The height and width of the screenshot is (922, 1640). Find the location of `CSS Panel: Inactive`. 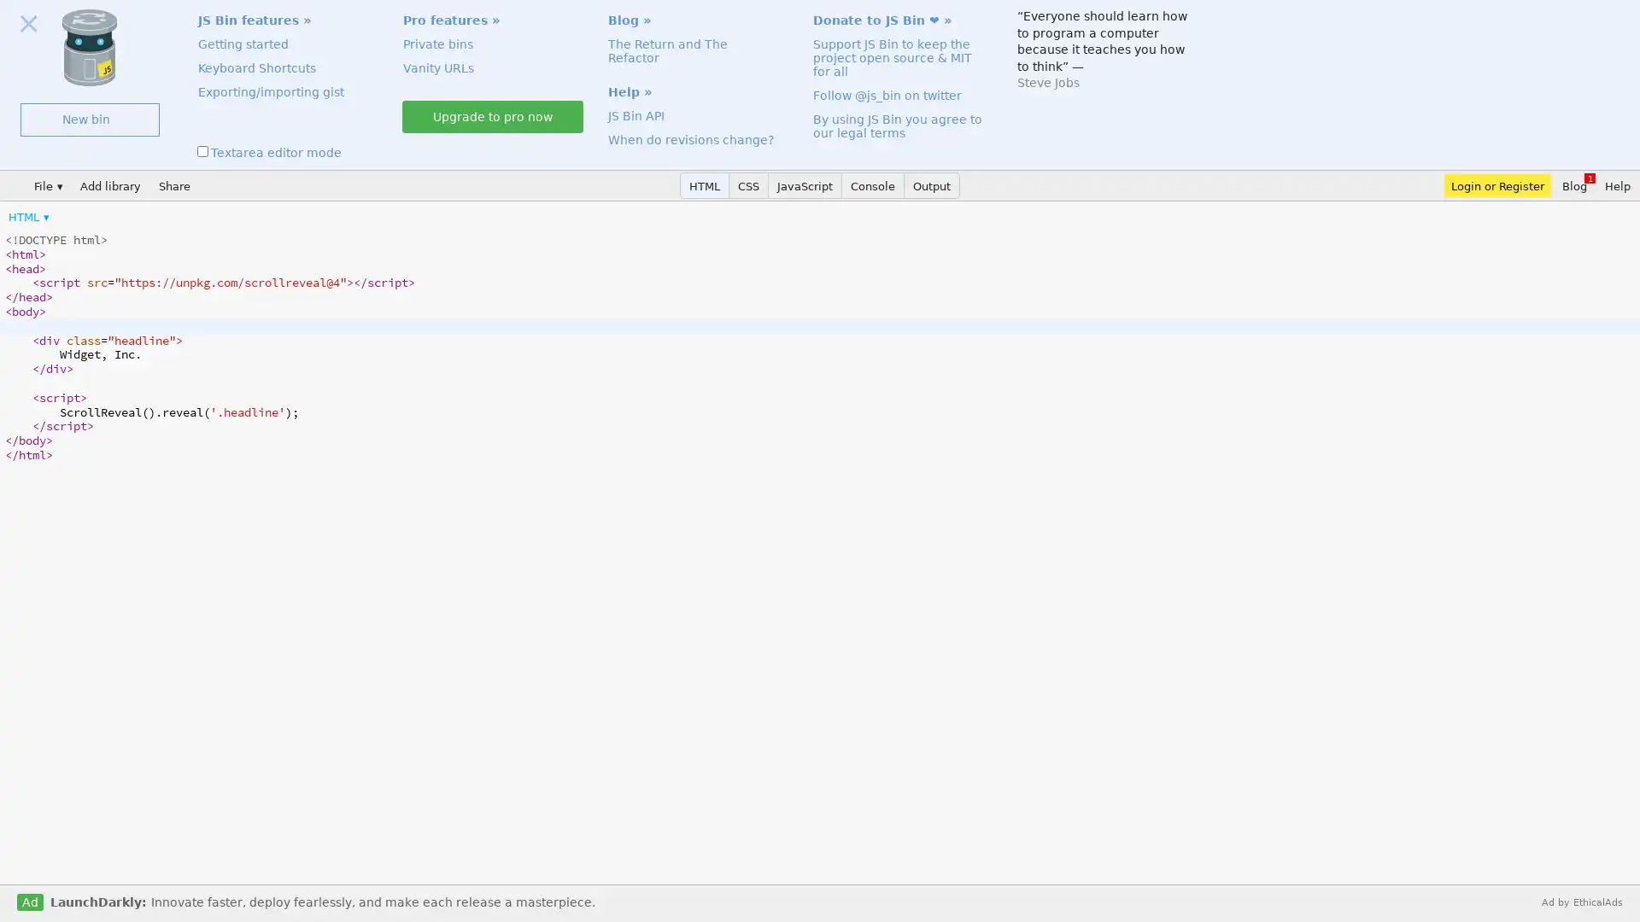

CSS Panel: Inactive is located at coordinates (749, 185).